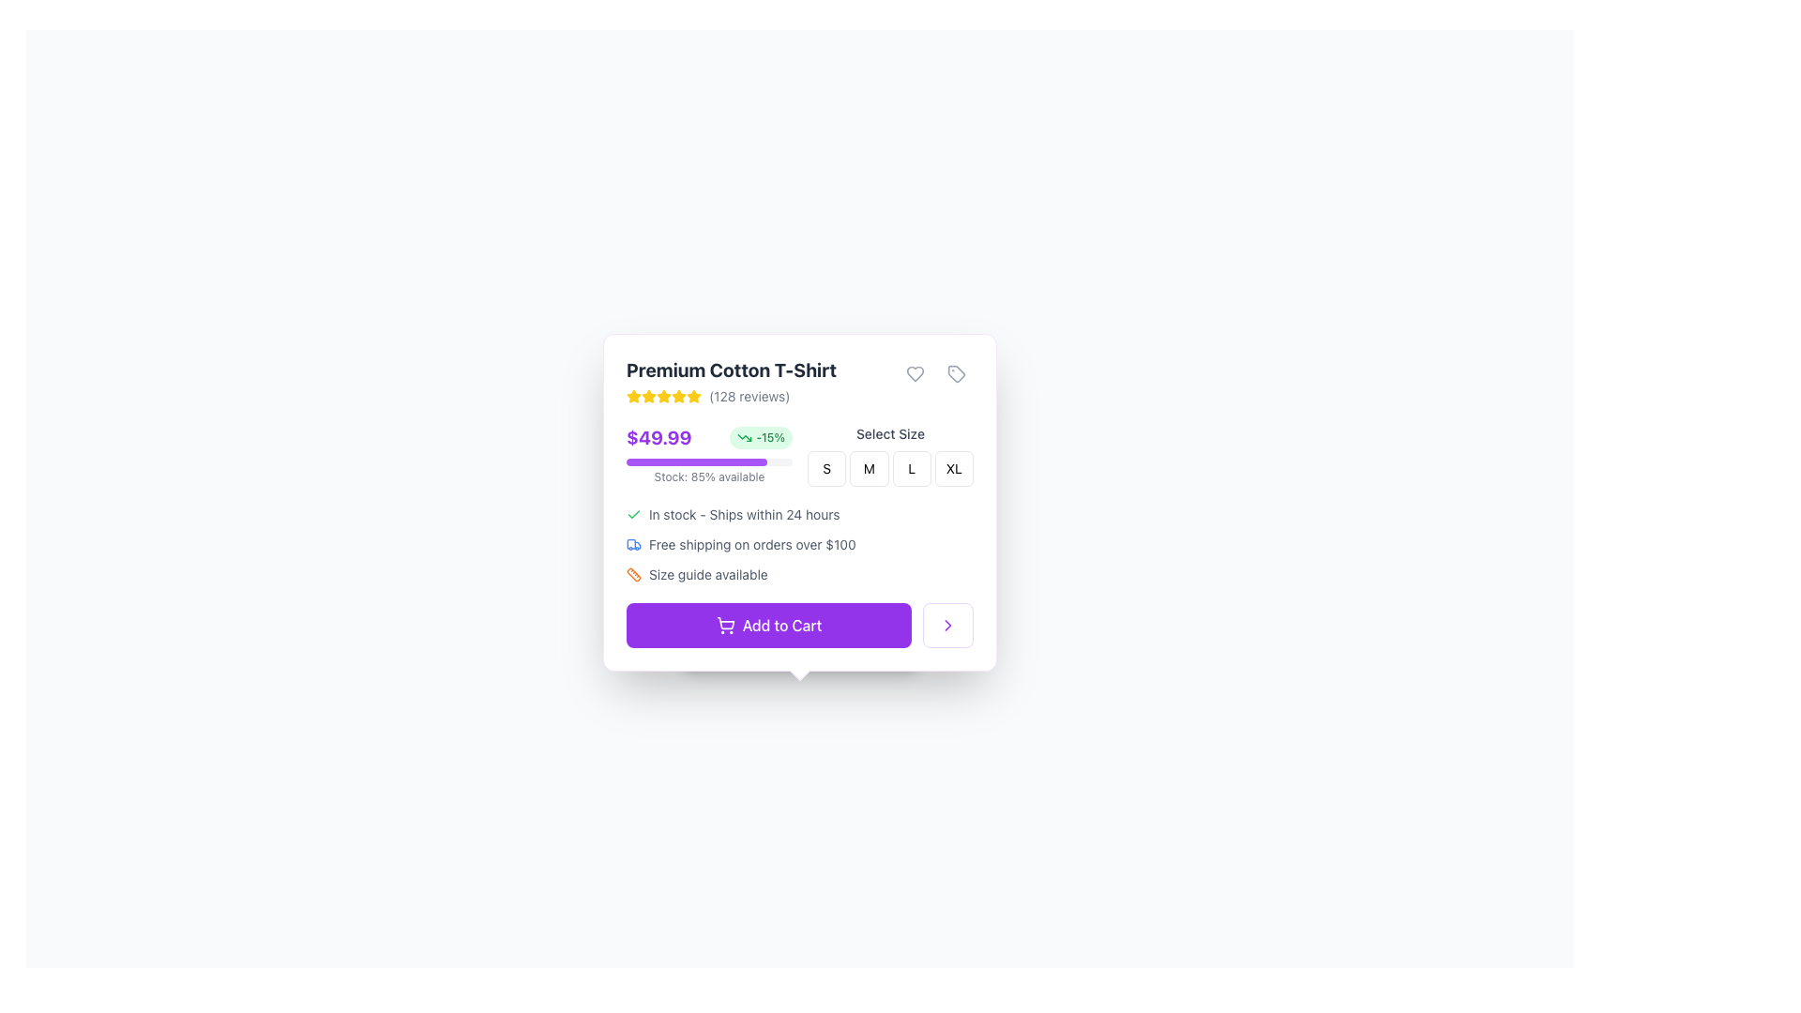  I want to click on the 'Premium Cotton T-Shirt(128 reviews)' header, so click(800, 381).